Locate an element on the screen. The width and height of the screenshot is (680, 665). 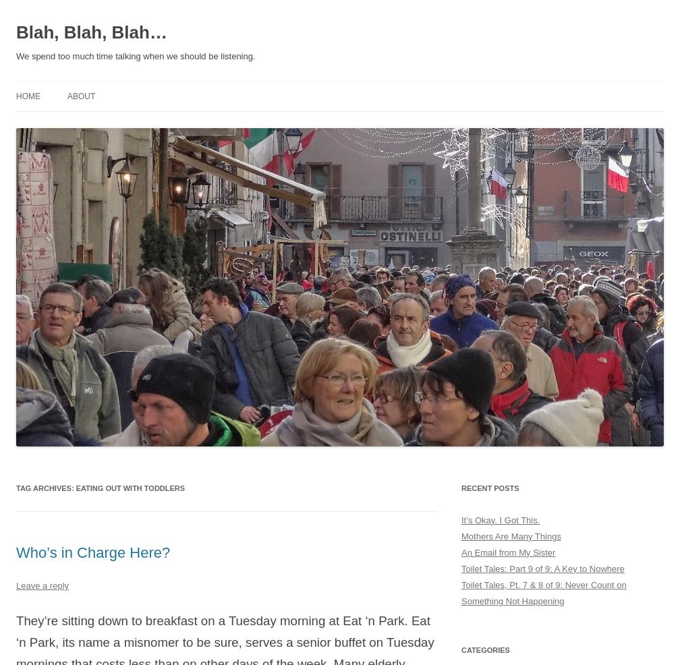
'About' is located at coordinates (67, 96).